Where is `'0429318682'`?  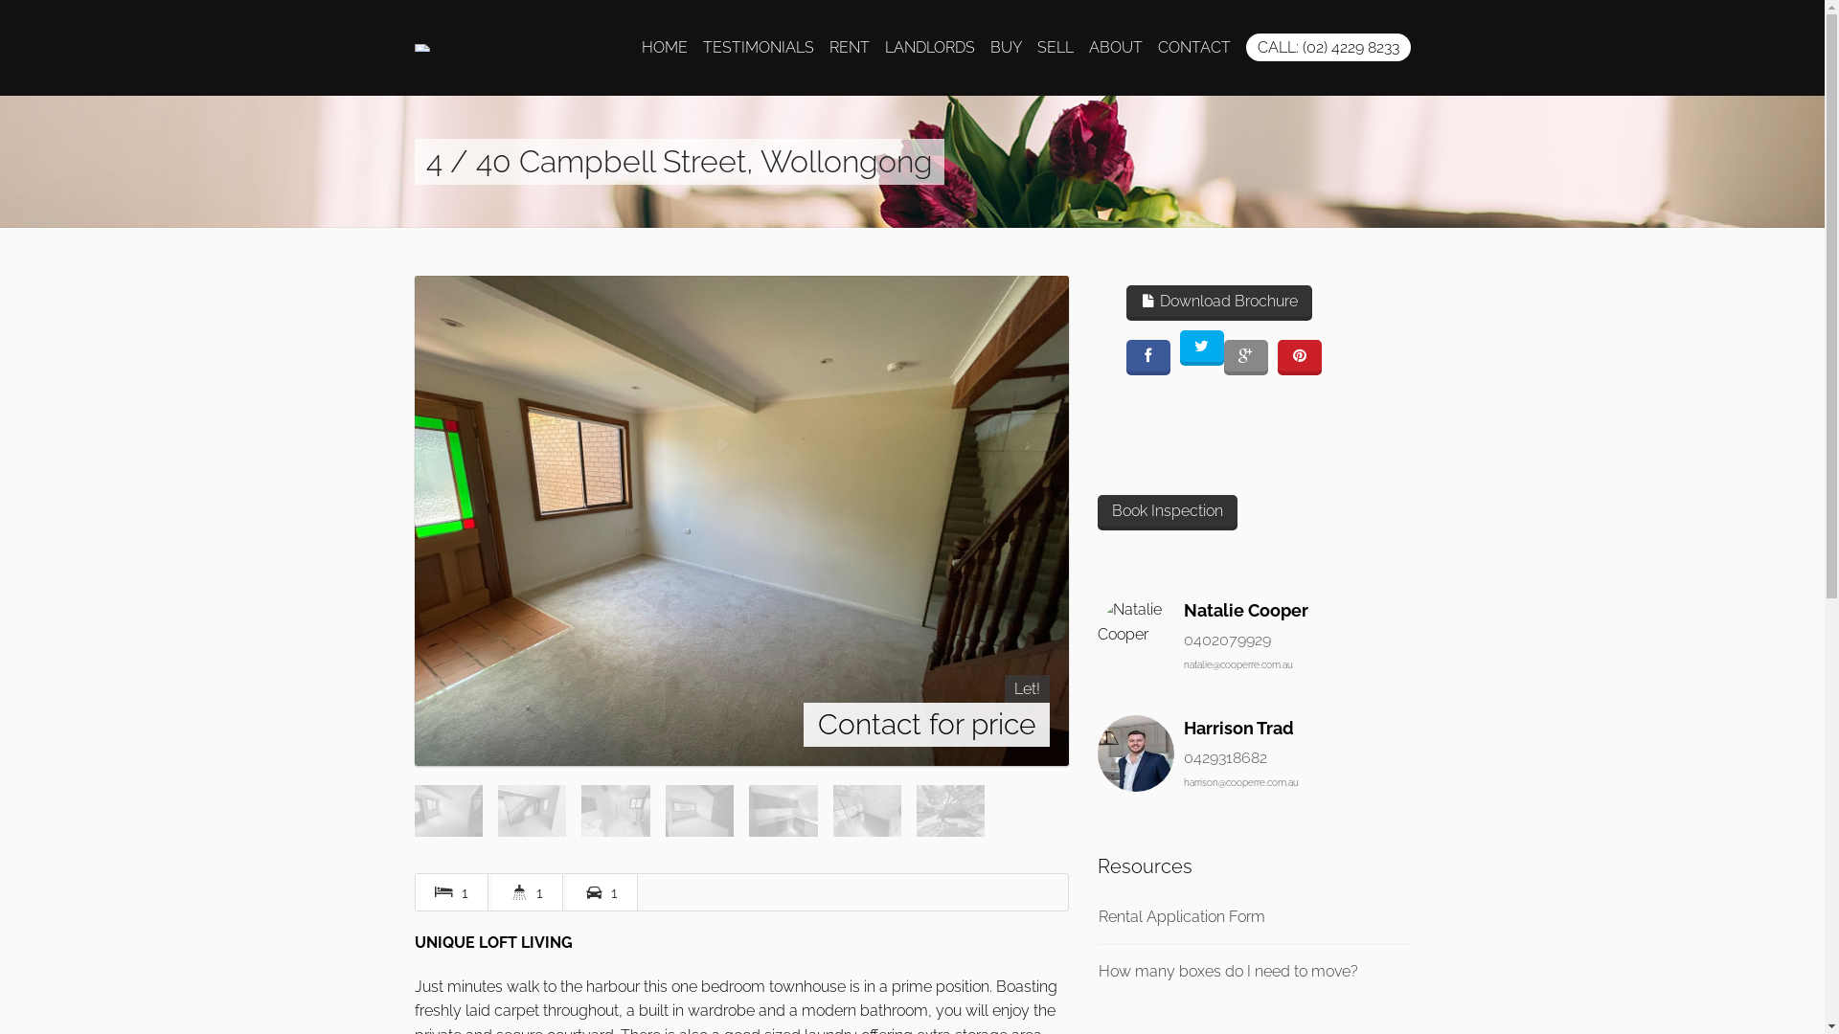
'0429318682' is located at coordinates (1224, 756).